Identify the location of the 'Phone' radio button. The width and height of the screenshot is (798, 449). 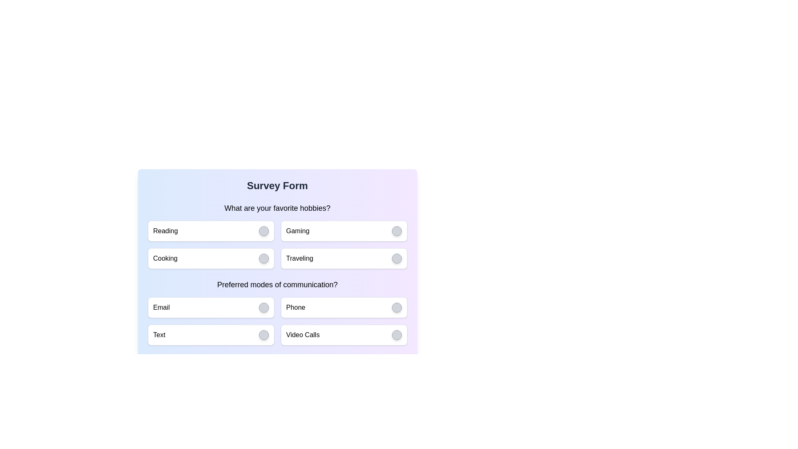
(396, 308).